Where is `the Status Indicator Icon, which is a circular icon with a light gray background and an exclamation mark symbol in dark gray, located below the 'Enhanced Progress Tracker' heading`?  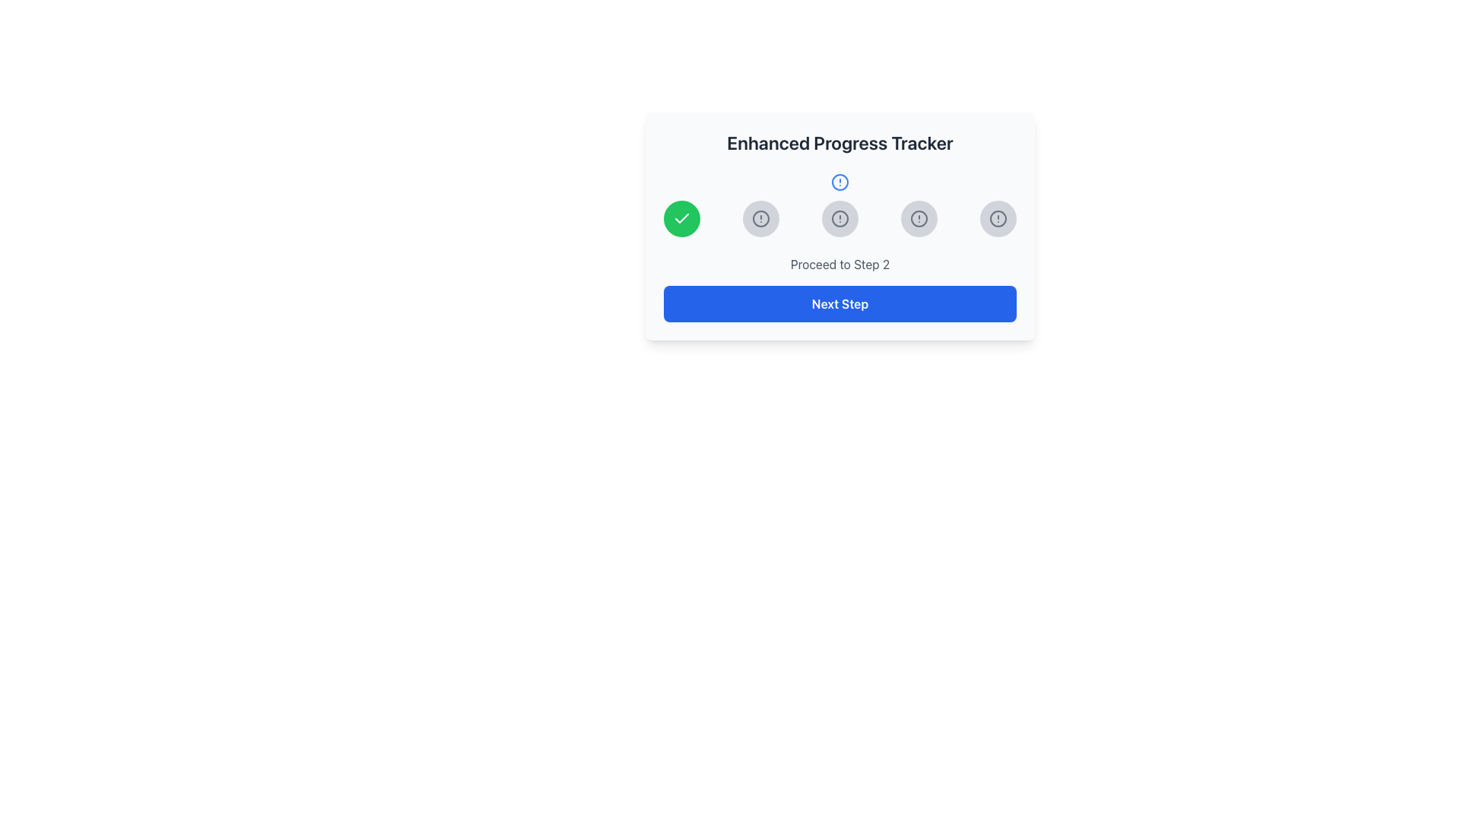 the Status Indicator Icon, which is a circular icon with a light gray background and an exclamation mark symbol in dark gray, located below the 'Enhanced Progress Tracker' heading is located at coordinates (839, 226).